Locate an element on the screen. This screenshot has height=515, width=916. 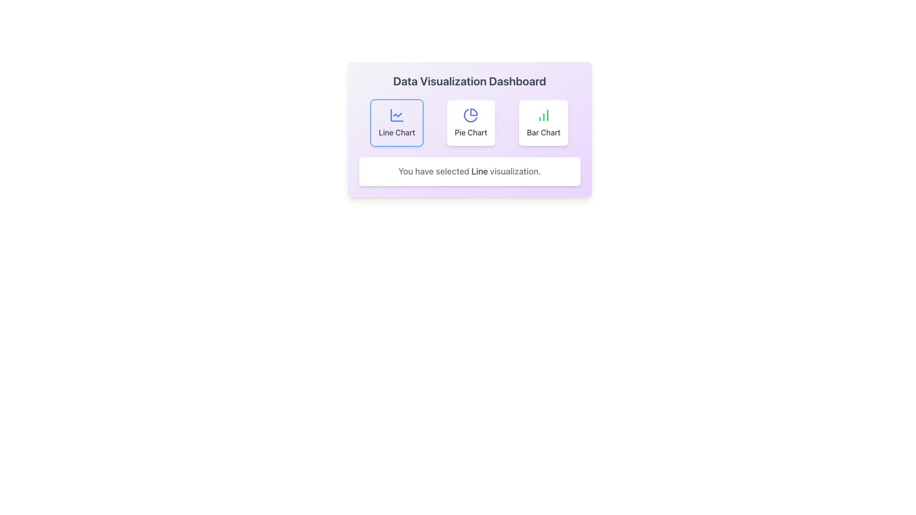
text 'Bar Chart' from the text label located beneath the bar chart icon, which identifies the function of the corresponding button is located at coordinates (543, 132).